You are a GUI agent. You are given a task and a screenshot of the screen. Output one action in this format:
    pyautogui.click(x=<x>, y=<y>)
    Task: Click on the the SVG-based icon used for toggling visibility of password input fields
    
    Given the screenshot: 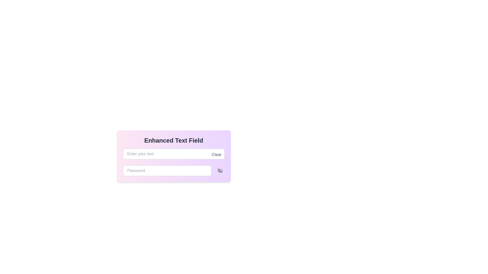 What is the action you would take?
    pyautogui.click(x=220, y=170)
    